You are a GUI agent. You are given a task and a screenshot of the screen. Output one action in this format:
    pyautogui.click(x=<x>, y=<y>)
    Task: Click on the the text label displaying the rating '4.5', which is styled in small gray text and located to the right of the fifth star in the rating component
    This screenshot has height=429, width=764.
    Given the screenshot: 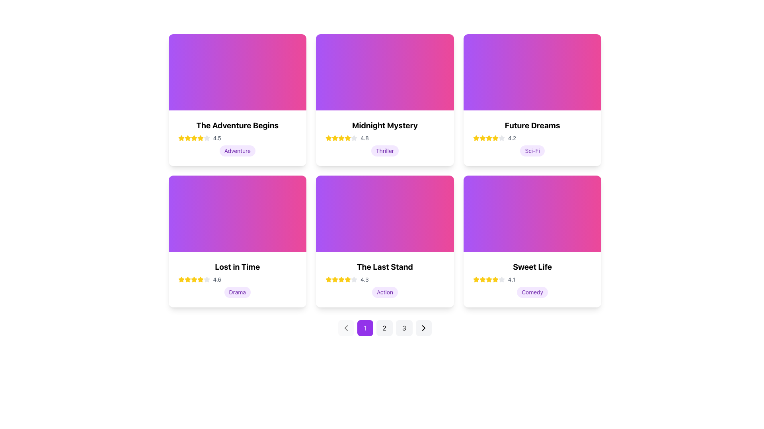 What is the action you would take?
    pyautogui.click(x=217, y=137)
    